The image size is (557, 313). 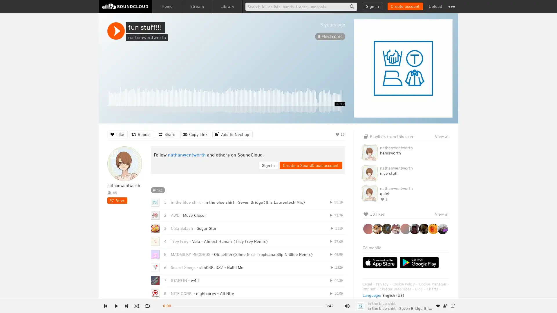 I want to click on Create a SoundCloud account, so click(x=405, y=6).